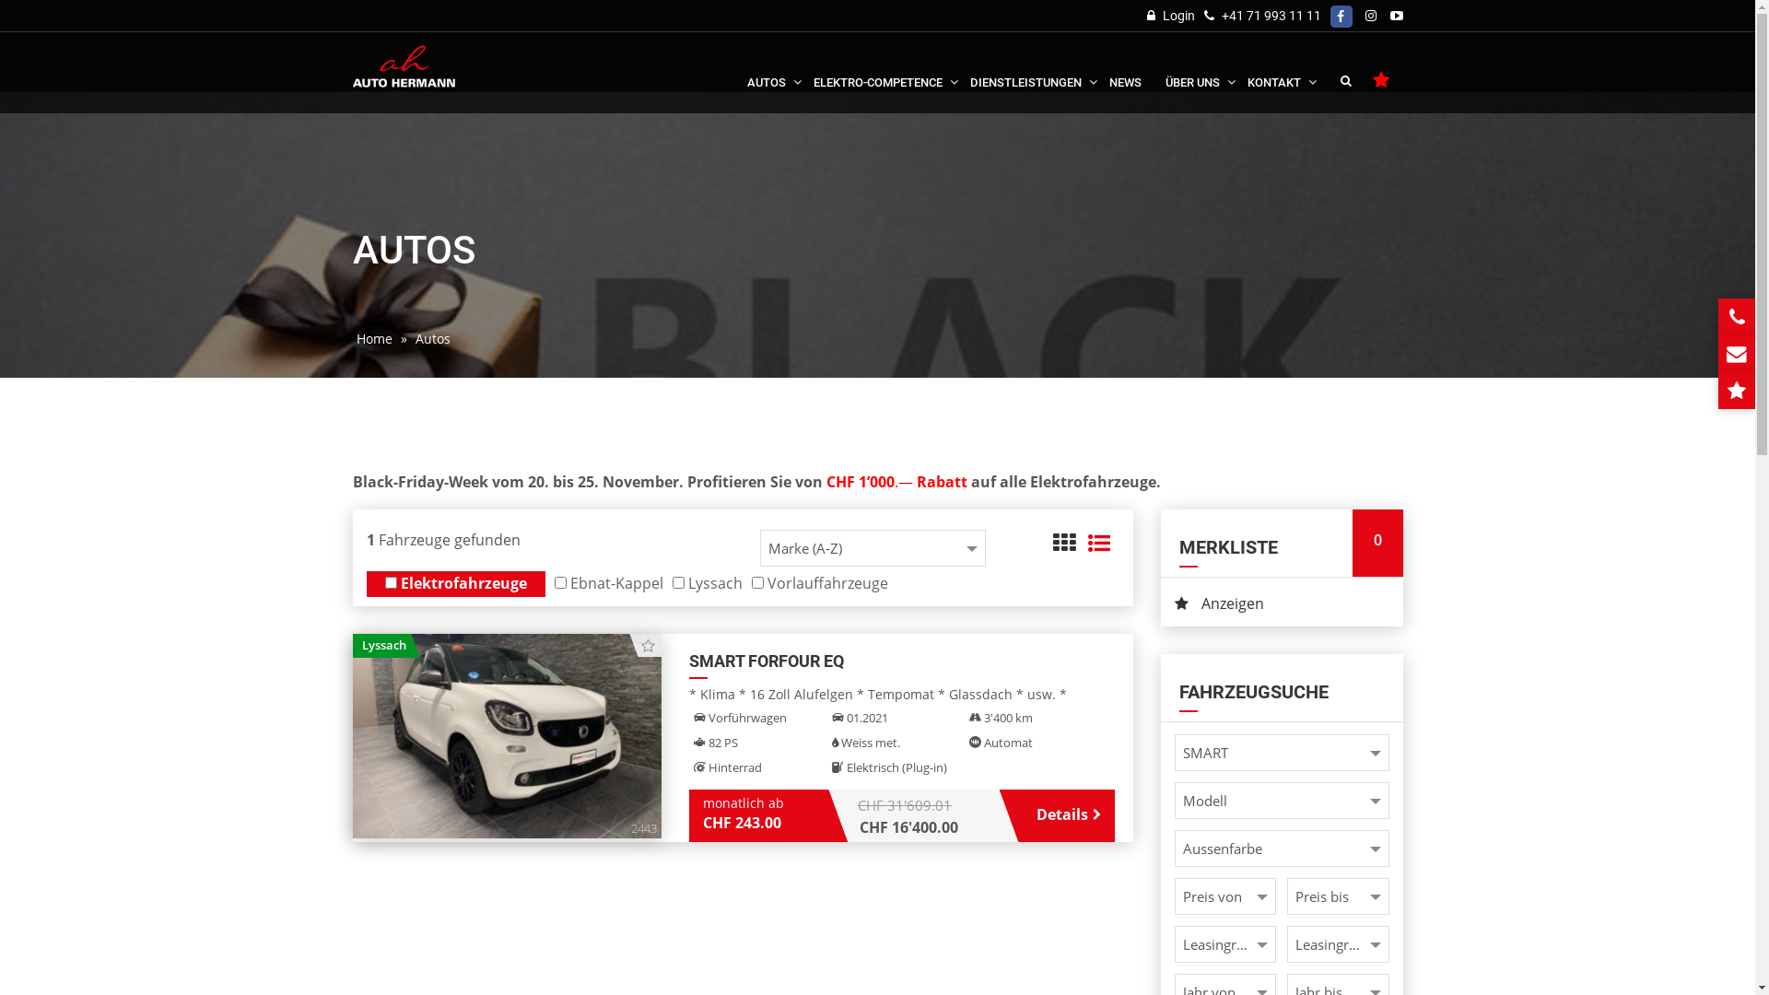 This screenshot has height=995, width=1769. I want to click on 'Suchen', so click(1345, 79).